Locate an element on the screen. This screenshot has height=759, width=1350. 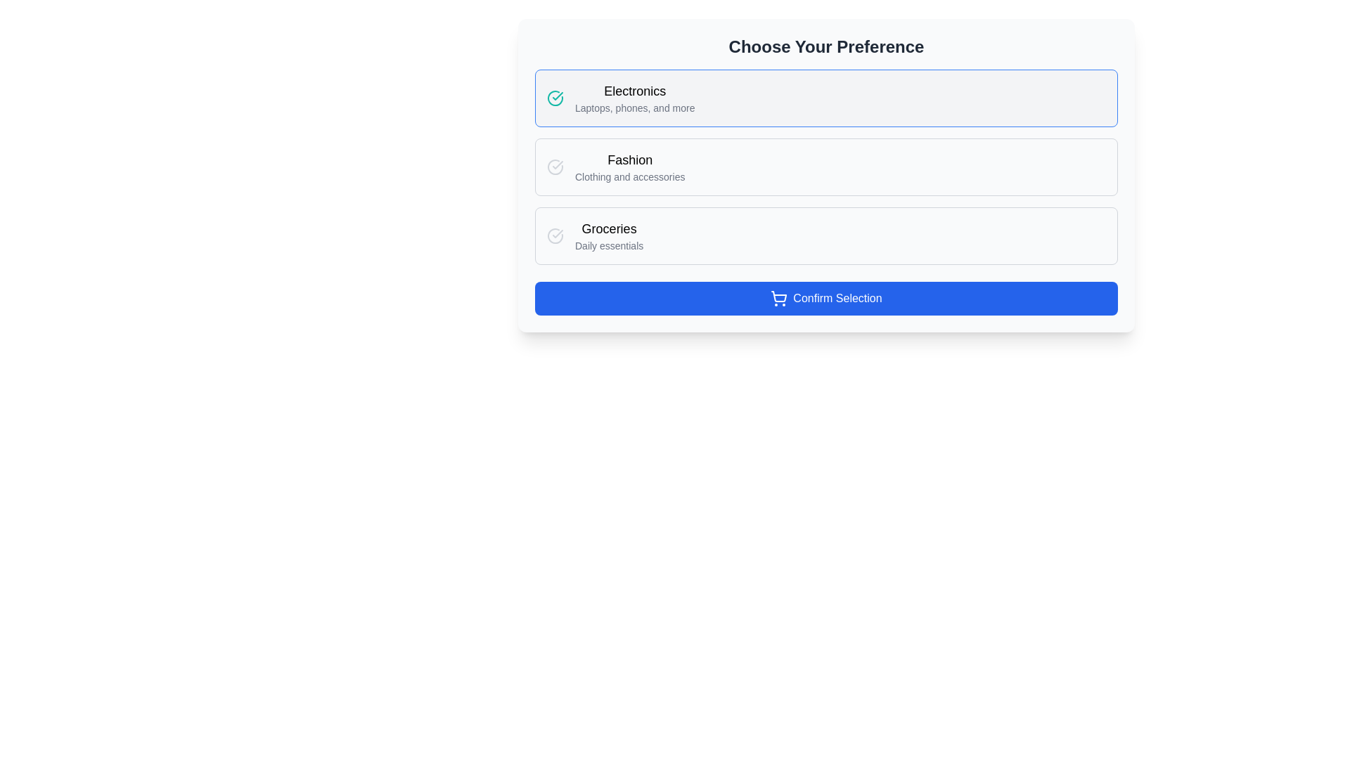
the text label providing additional context for the 'Electronics' category, located directly below the main title is located at coordinates (634, 108).